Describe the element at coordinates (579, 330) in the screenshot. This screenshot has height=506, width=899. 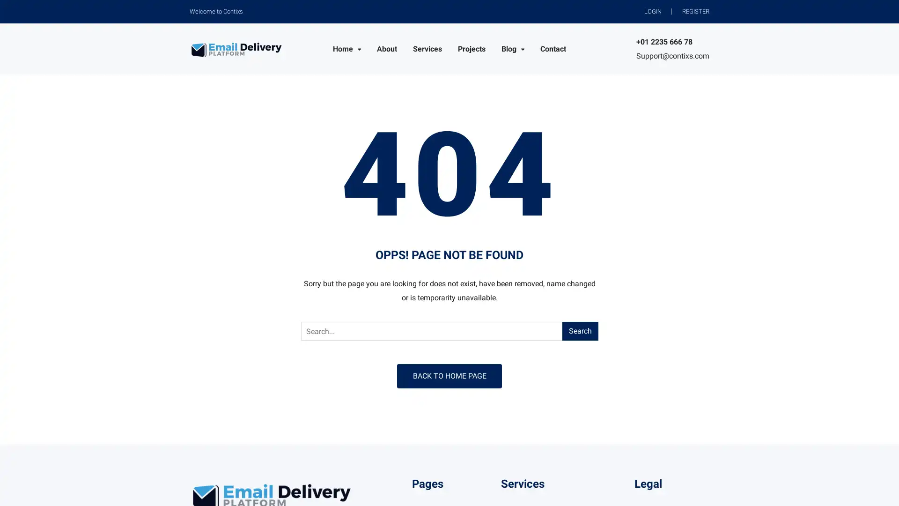
I see `Search` at that location.